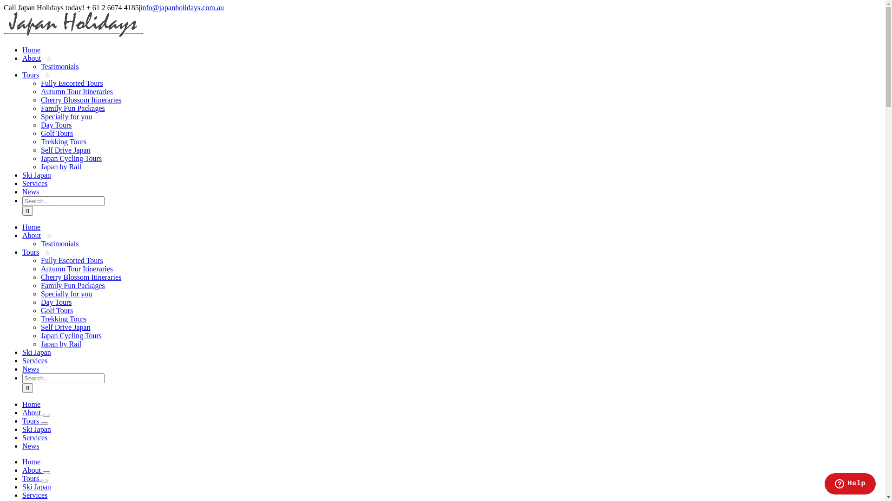 This screenshot has width=892, height=501. What do you see at coordinates (182, 7) in the screenshot?
I see `'info@japanholidays.com.au'` at bounding box center [182, 7].